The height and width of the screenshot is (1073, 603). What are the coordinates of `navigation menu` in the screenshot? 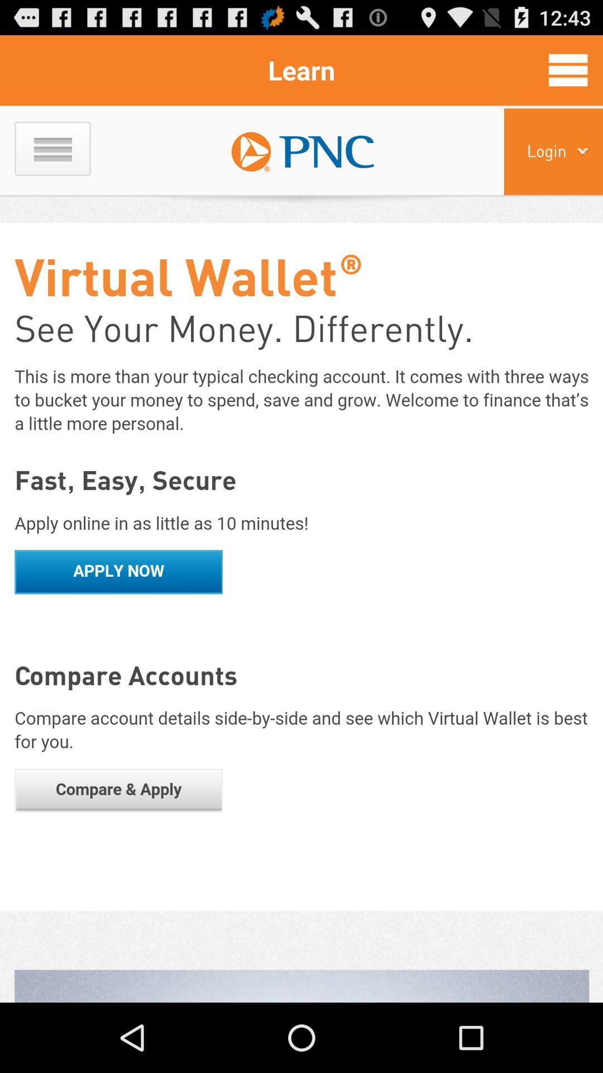 It's located at (568, 69).